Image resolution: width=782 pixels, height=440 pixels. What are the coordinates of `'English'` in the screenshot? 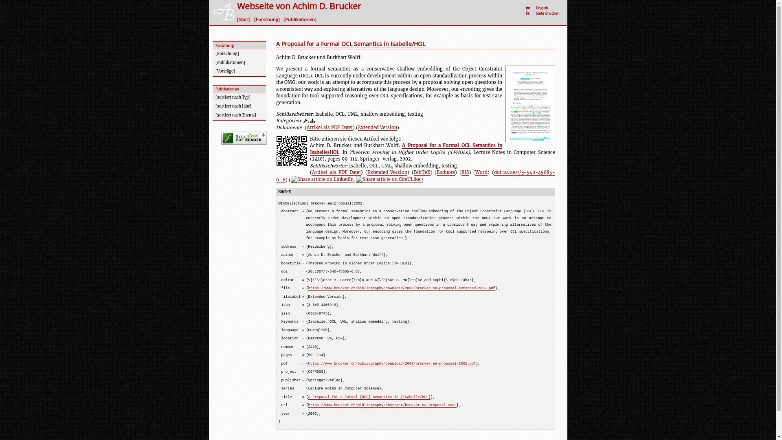 It's located at (543, 8).